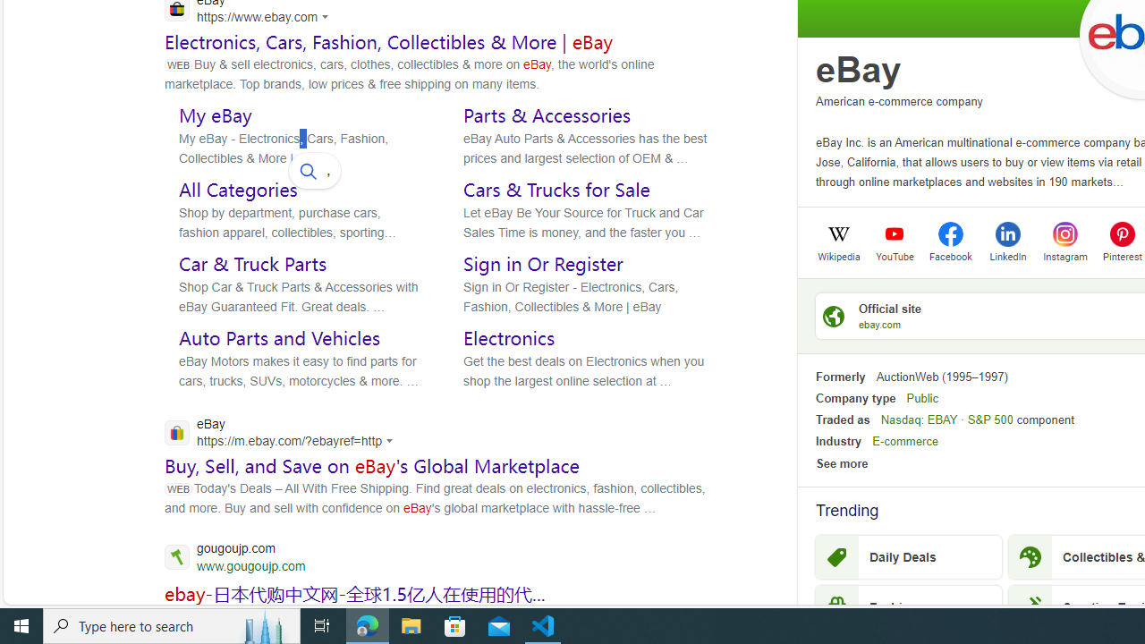 This screenshot has width=1145, height=644. Describe the element at coordinates (922, 397) in the screenshot. I see `'Public'` at that location.